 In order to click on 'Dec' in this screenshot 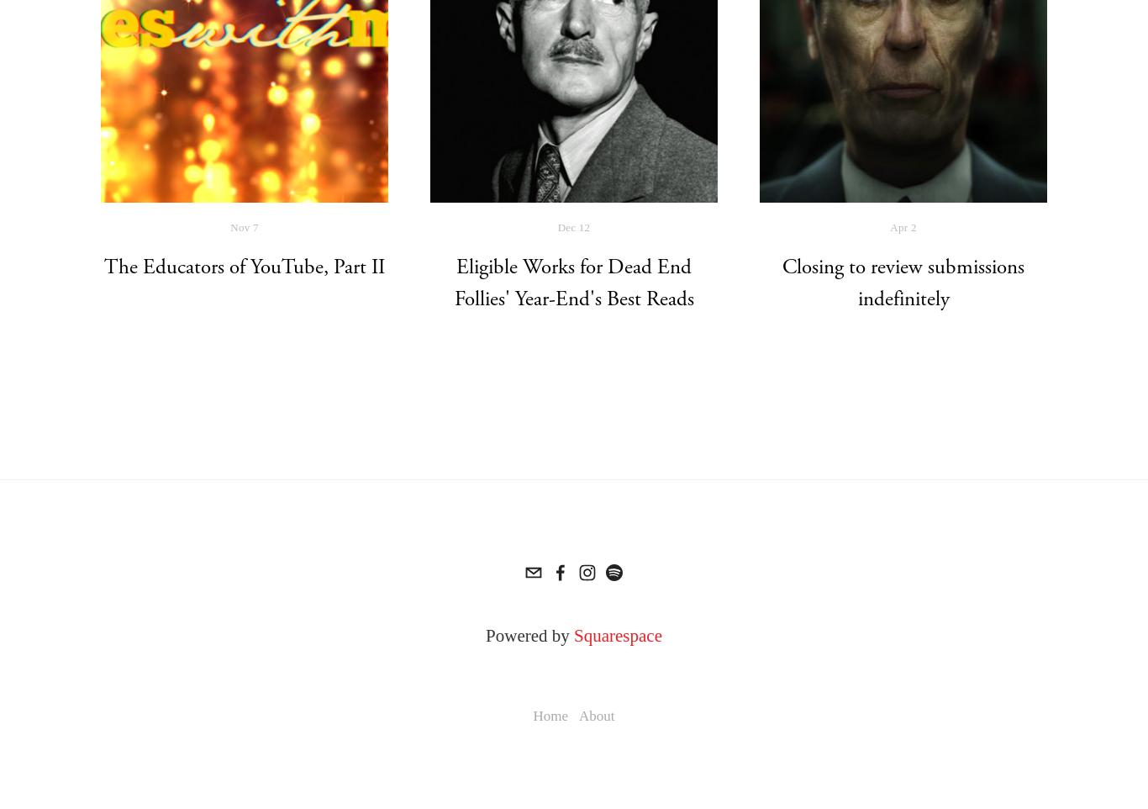, I will do `click(556, 226)`.